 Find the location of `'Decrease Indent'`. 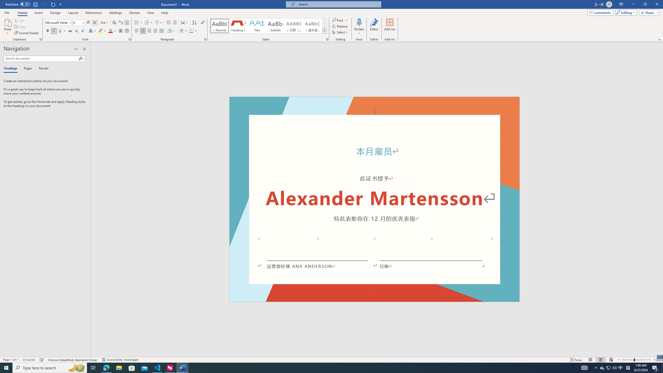

'Decrease Indent' is located at coordinates (169, 23).